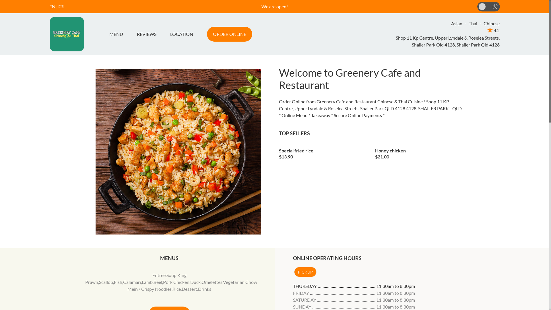 This screenshot has height=310, width=551. What do you see at coordinates (279, 151) in the screenshot?
I see `'Special fried rice` at bounding box center [279, 151].